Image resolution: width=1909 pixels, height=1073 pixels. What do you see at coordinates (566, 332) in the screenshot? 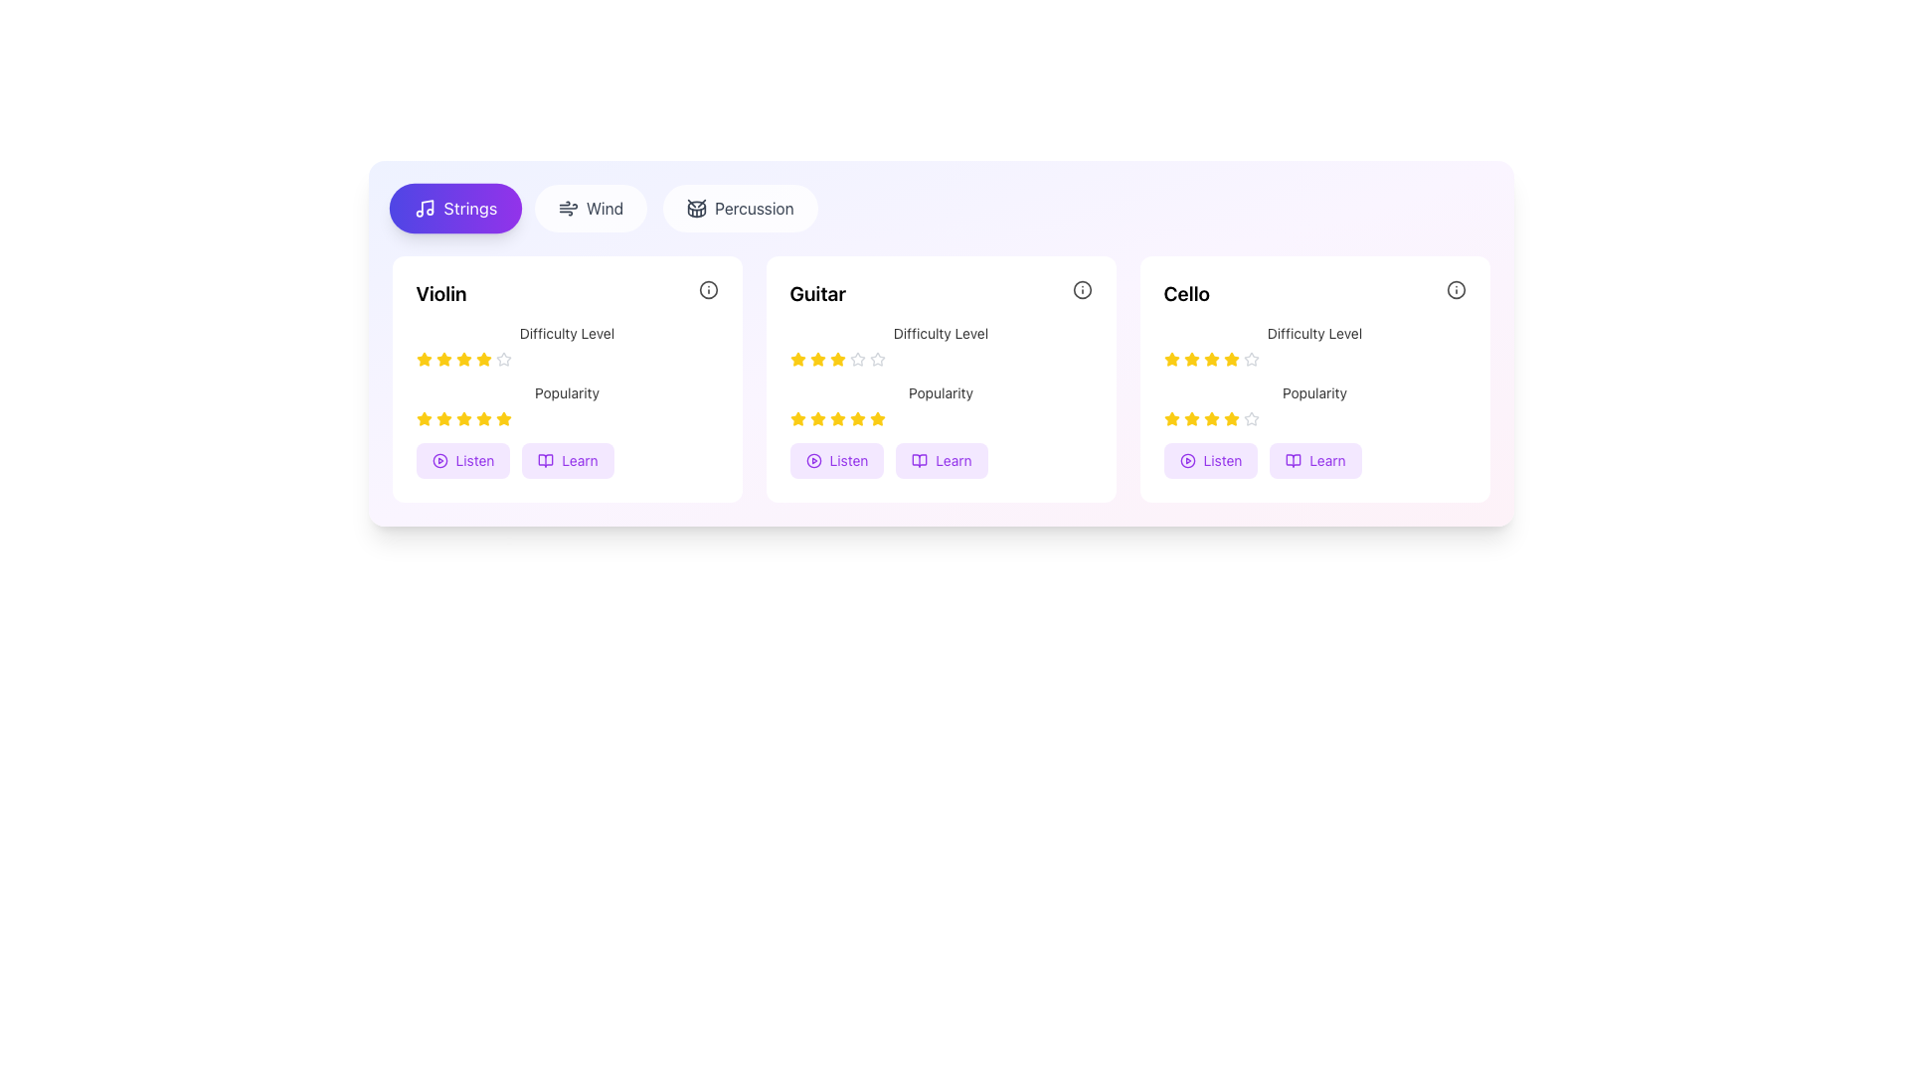
I see `the static text label that describes the difficulty level of the instrument, positioned in the content box for 'Violin', just below its title and above the rating stars` at bounding box center [566, 332].